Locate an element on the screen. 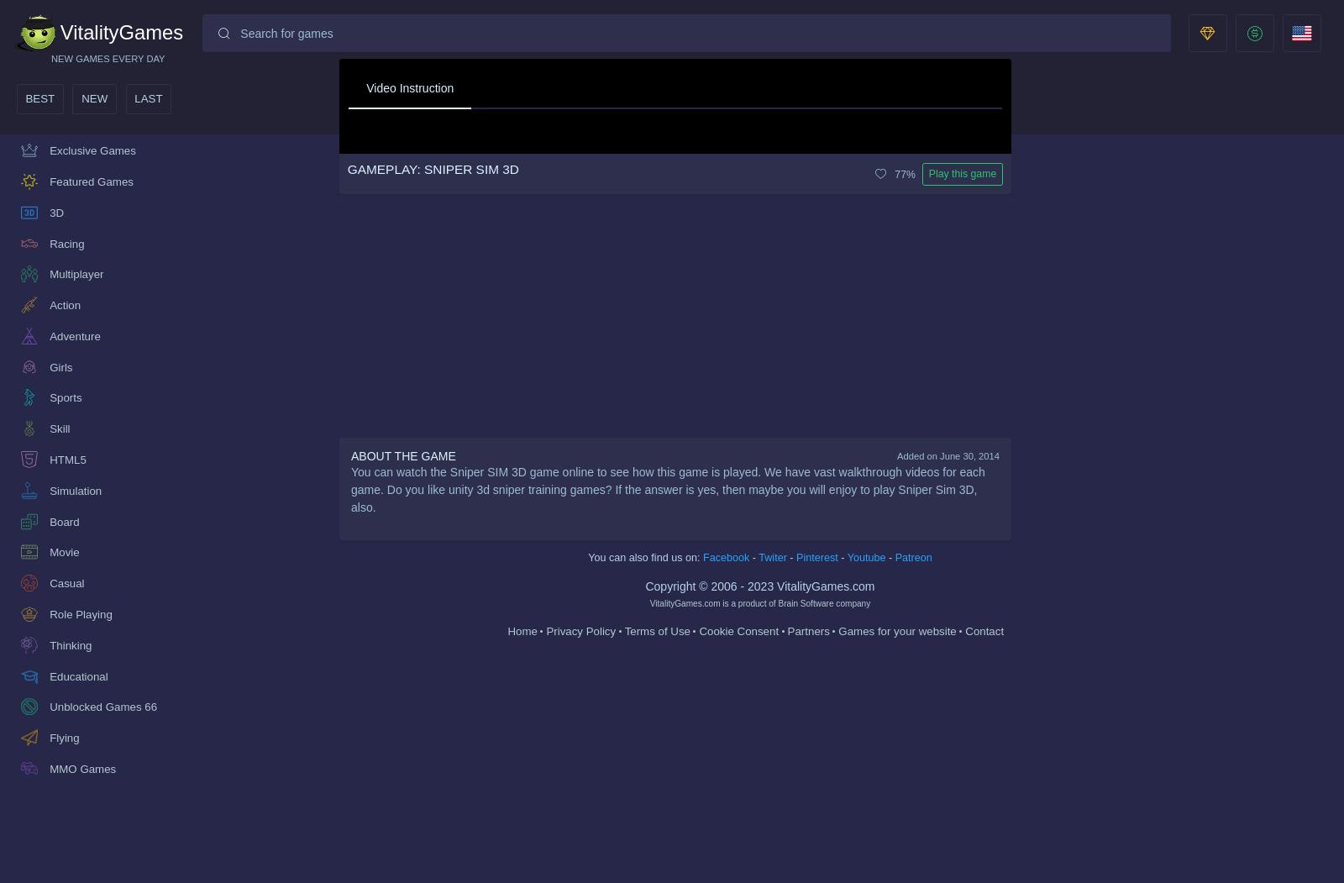  'NEW GAMES EVERY DAY' is located at coordinates (107, 57).